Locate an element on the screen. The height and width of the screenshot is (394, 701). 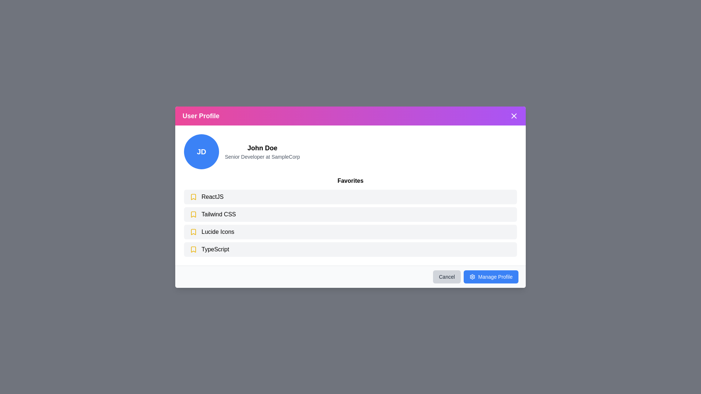
the gear-shaped icon within the 'Manage Profile' button located at the bottom-right of the user profile interface is located at coordinates (472, 277).